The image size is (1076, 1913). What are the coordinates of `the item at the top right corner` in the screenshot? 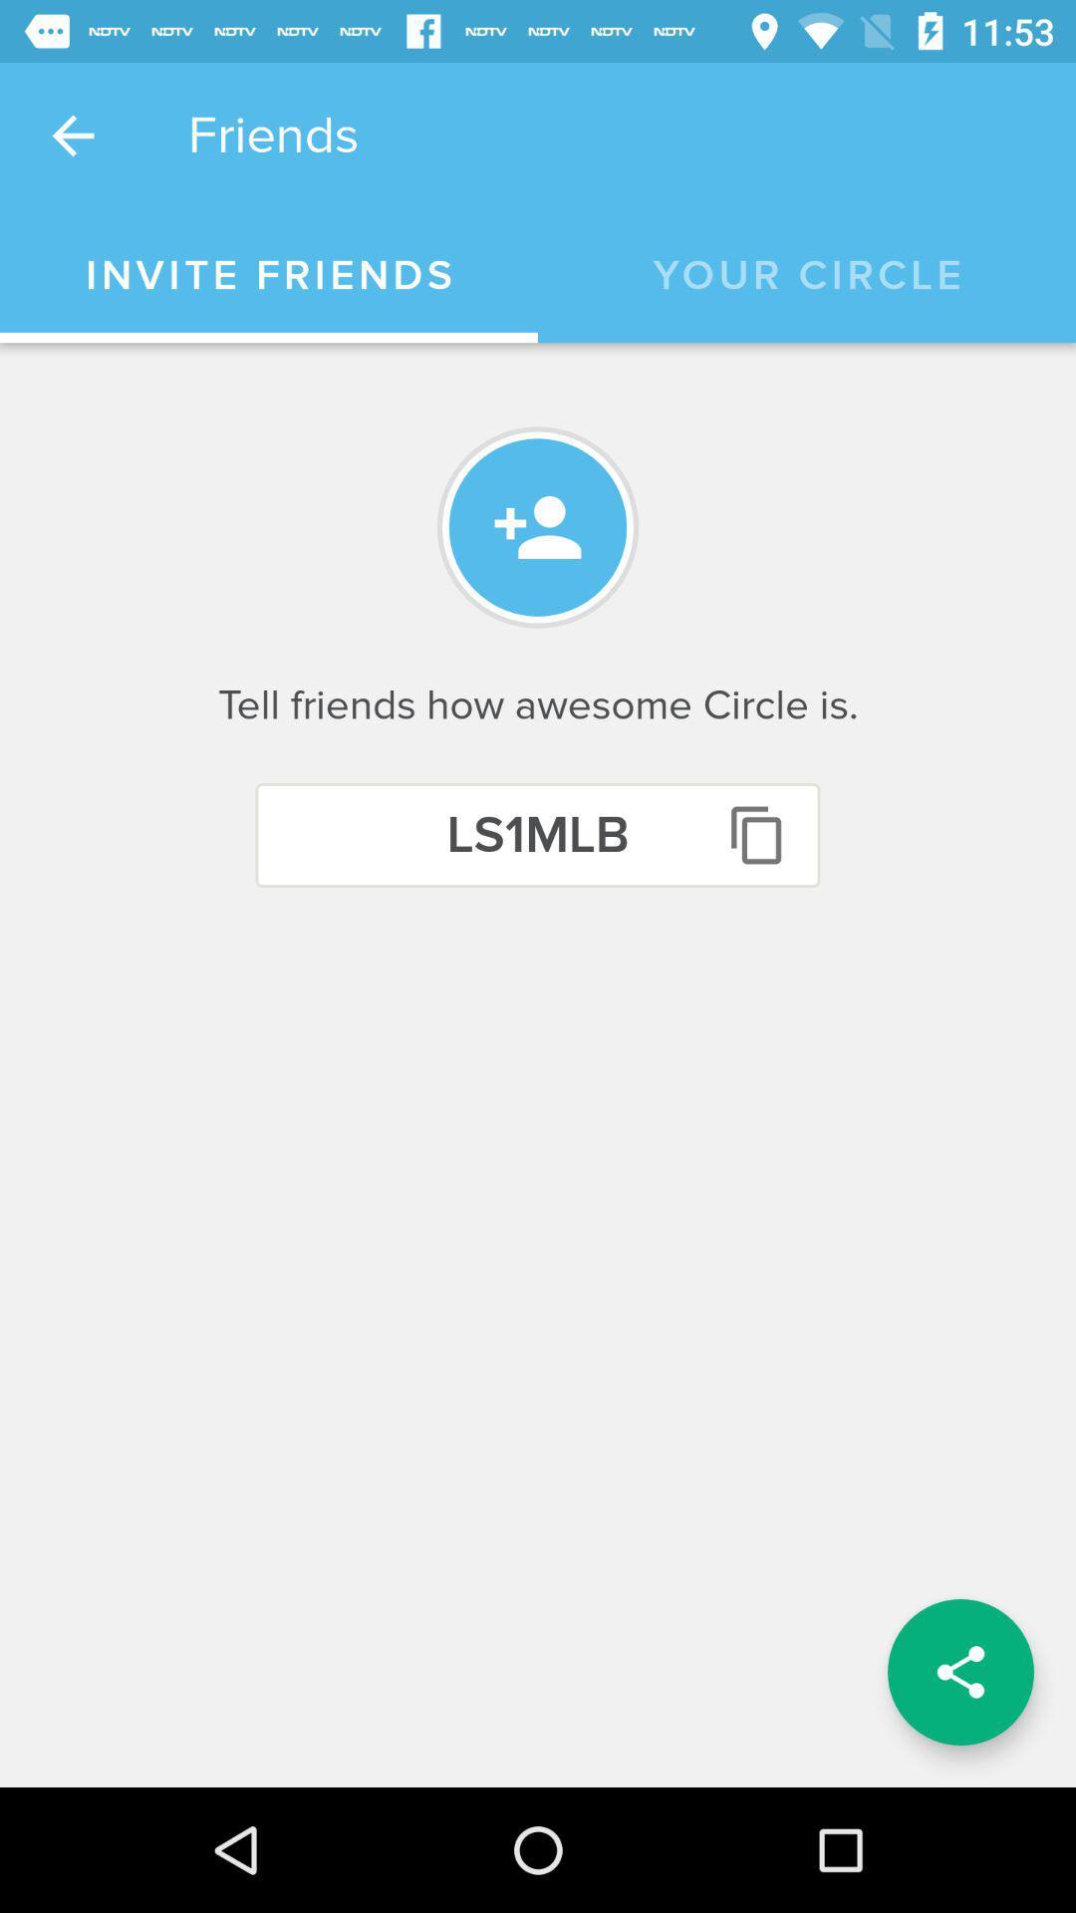 It's located at (807, 275).